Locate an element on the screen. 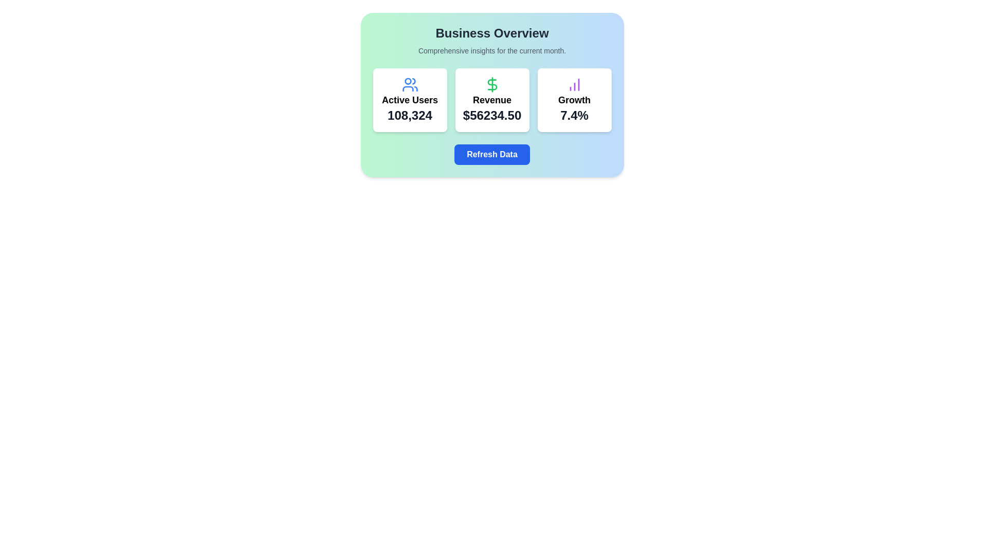 This screenshot has height=555, width=987. the data refresh button located below the summary cards for 'Active Users', 'Revenue', and 'Growth' is located at coordinates (491, 154).